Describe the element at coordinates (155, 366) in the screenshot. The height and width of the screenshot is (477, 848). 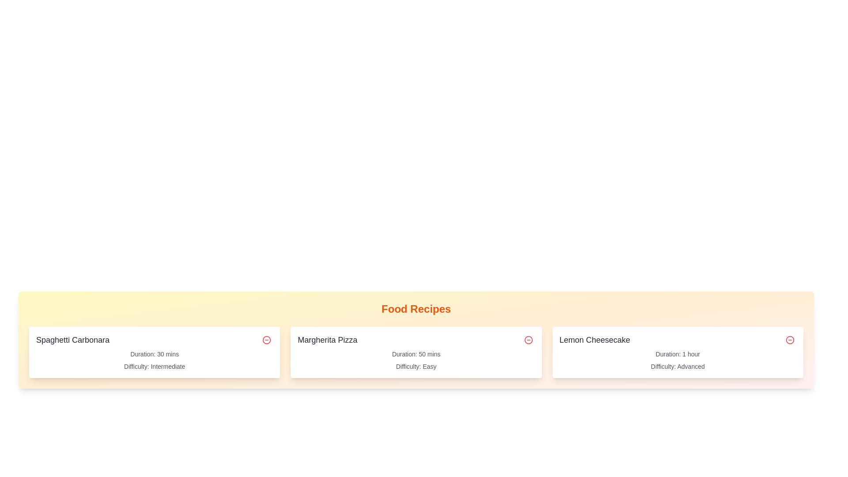
I see `the text label displaying 'Difficulty: Intermediate' in gray color, positioned below 'Duration: 30 mins' in the recipe card for 'Spaghetti Carbonara'` at that location.